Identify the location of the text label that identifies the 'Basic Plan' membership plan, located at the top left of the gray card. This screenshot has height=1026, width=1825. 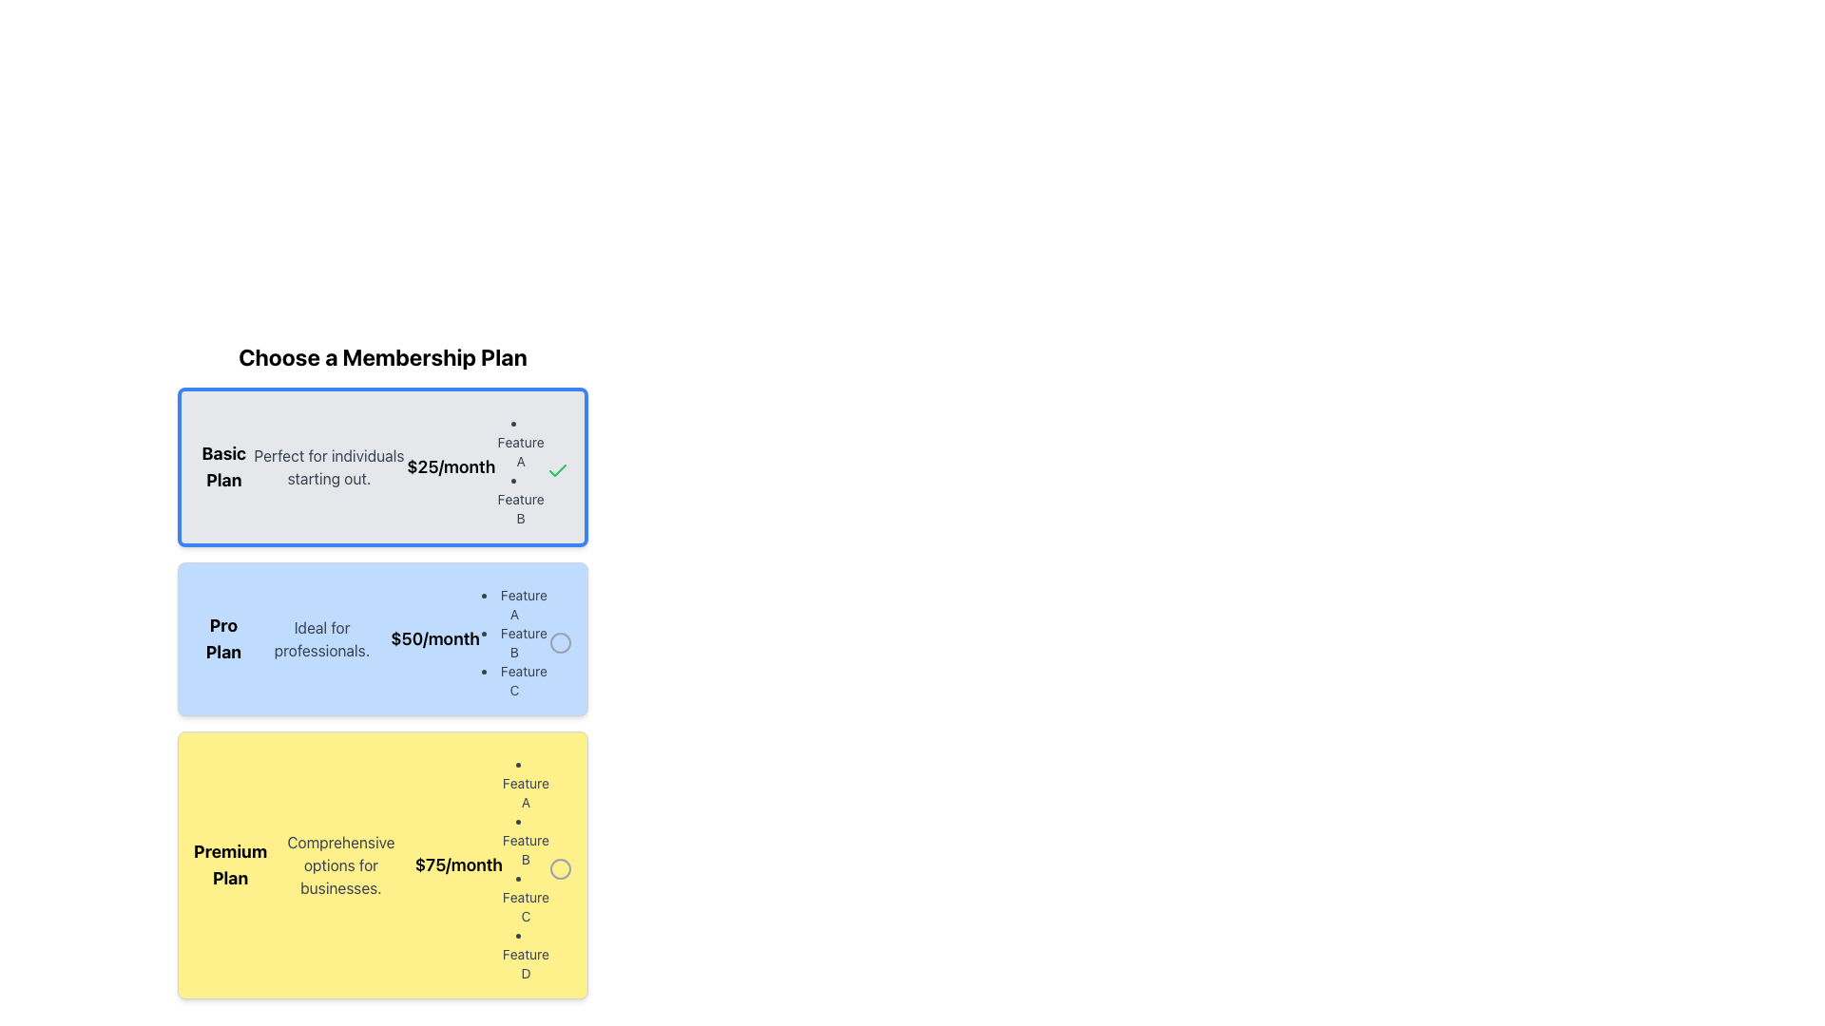
(223, 467).